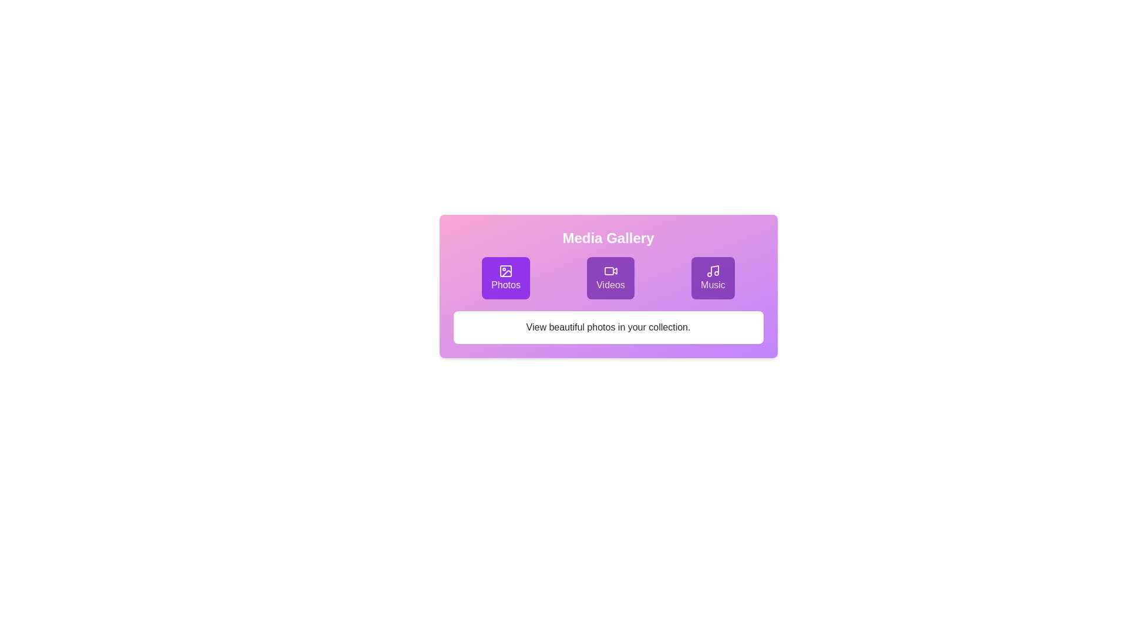 This screenshot has height=634, width=1127. Describe the element at coordinates (610, 278) in the screenshot. I see `the Videos tab in the Media Gallery` at that location.